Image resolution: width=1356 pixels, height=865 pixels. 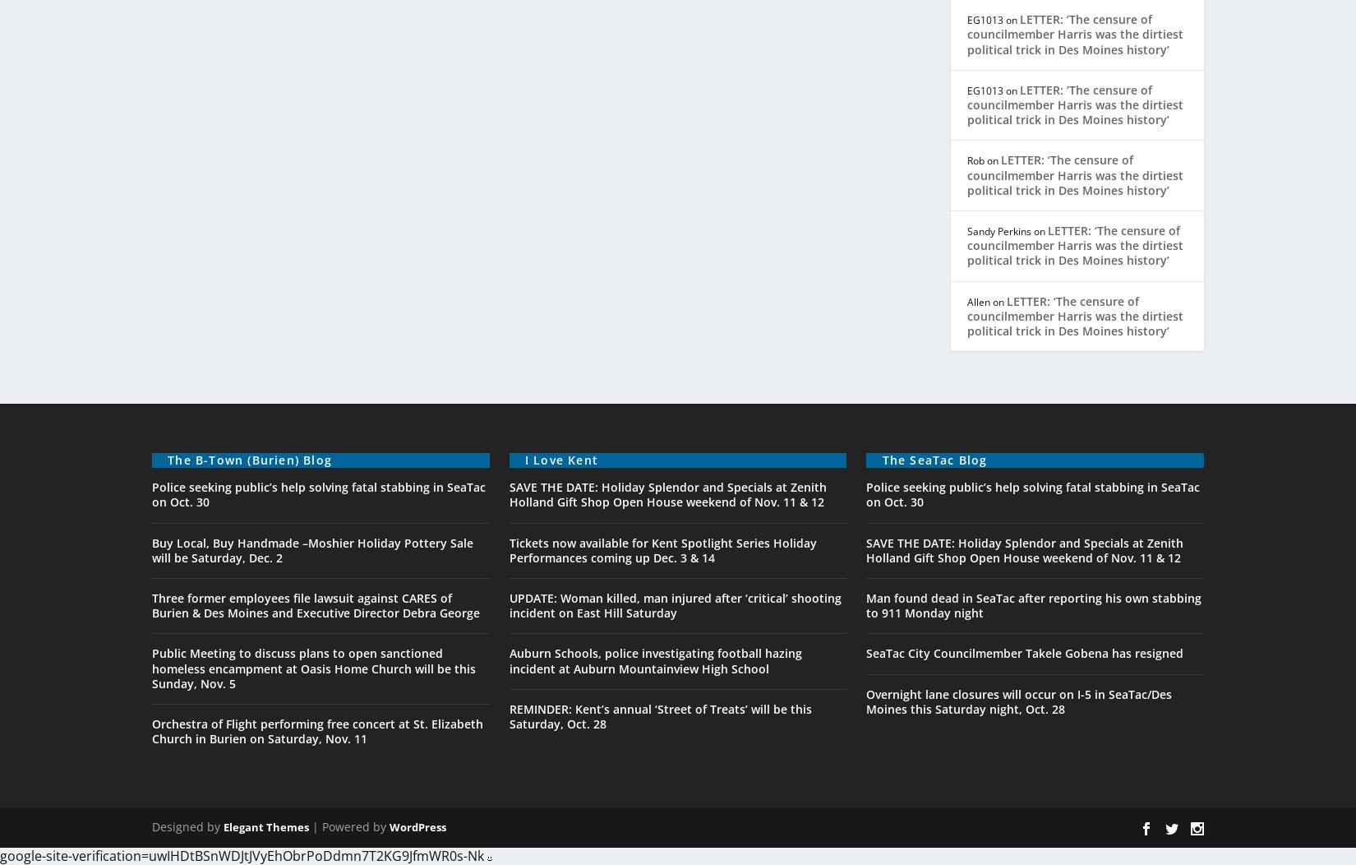 I want to click on 'Rob', so click(x=975, y=160).